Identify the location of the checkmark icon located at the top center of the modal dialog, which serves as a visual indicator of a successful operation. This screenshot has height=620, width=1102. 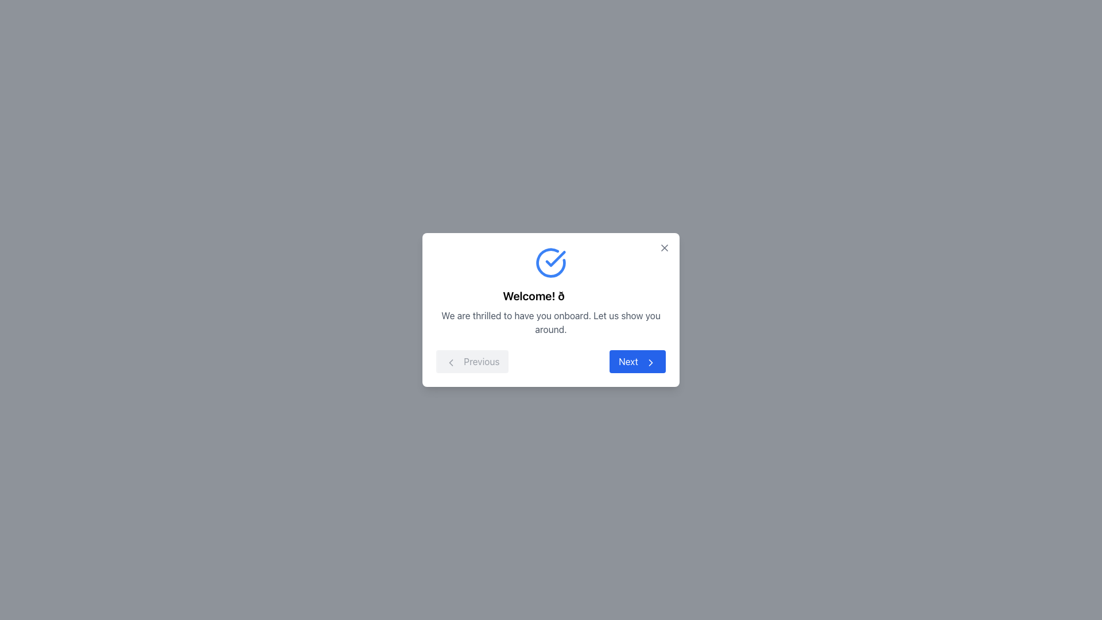
(556, 259).